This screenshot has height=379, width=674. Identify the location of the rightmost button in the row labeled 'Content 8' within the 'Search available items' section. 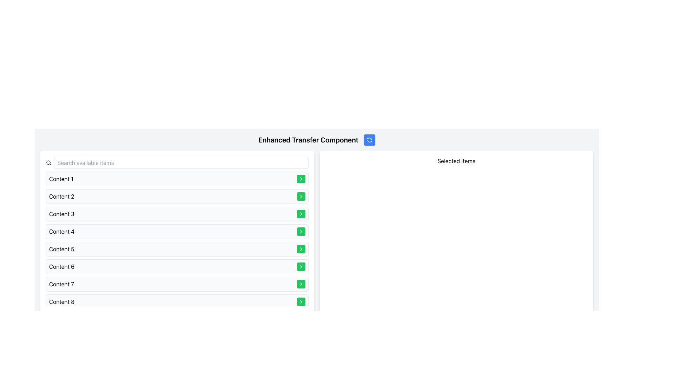
(301, 301).